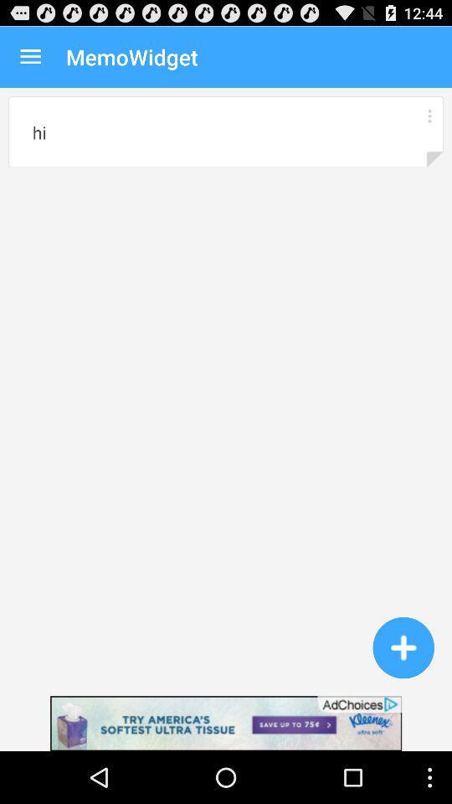  What do you see at coordinates (429, 115) in the screenshot?
I see `manu` at bounding box center [429, 115].